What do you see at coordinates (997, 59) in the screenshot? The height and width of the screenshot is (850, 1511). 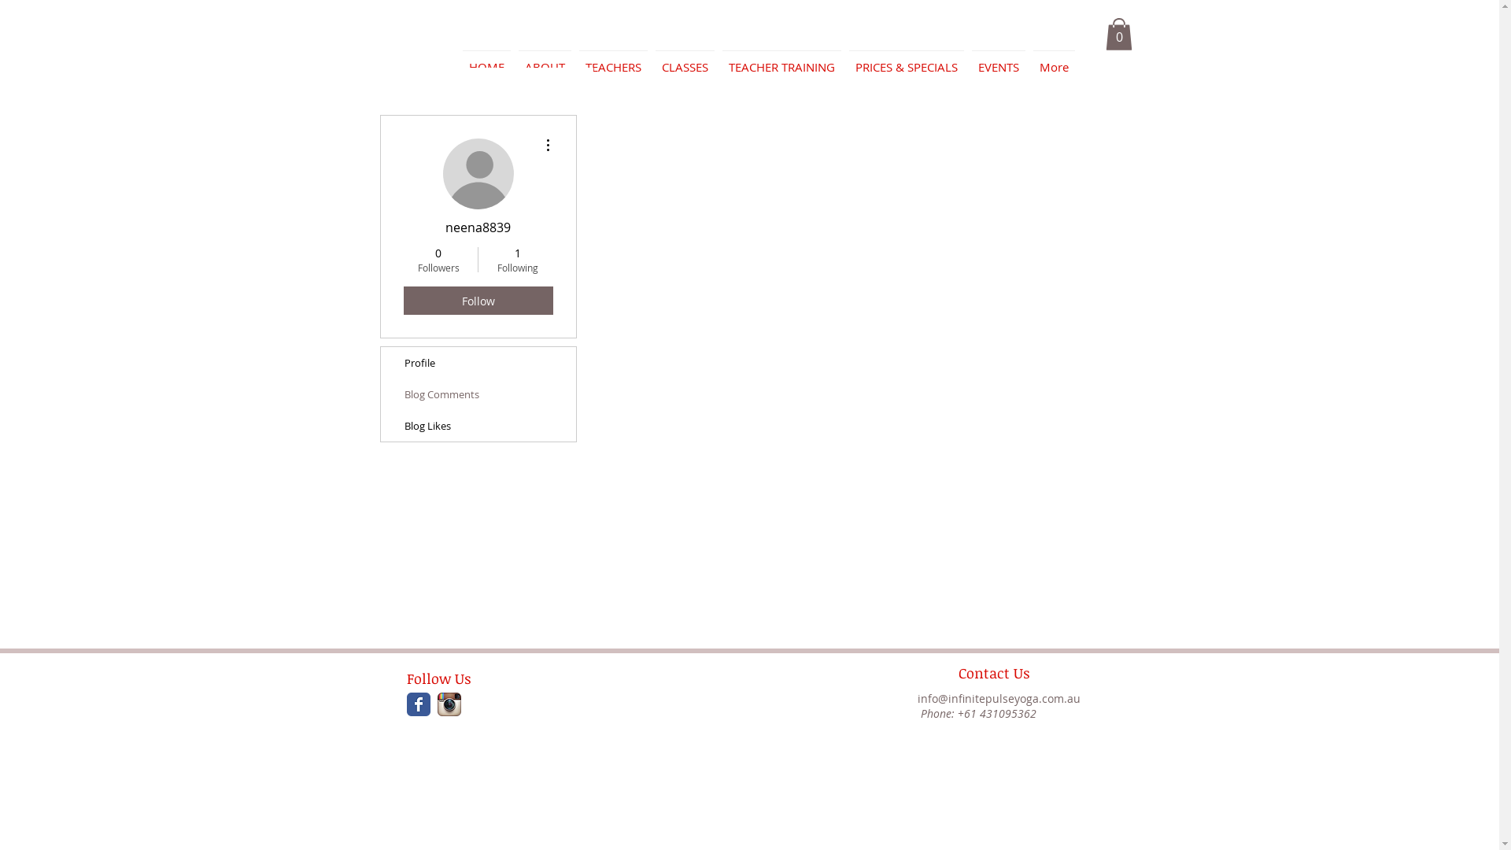 I see `'EVENTS'` at bounding box center [997, 59].